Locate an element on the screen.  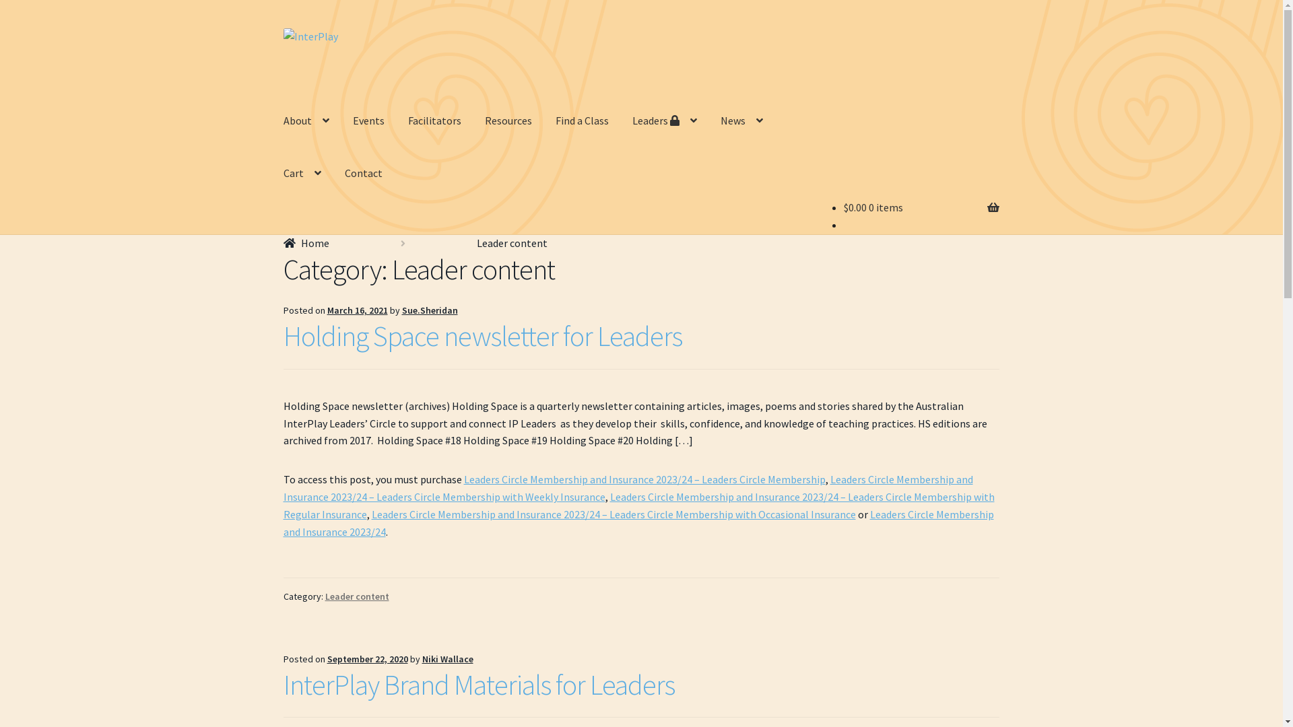
'September 22, 2020' is located at coordinates (327, 658).